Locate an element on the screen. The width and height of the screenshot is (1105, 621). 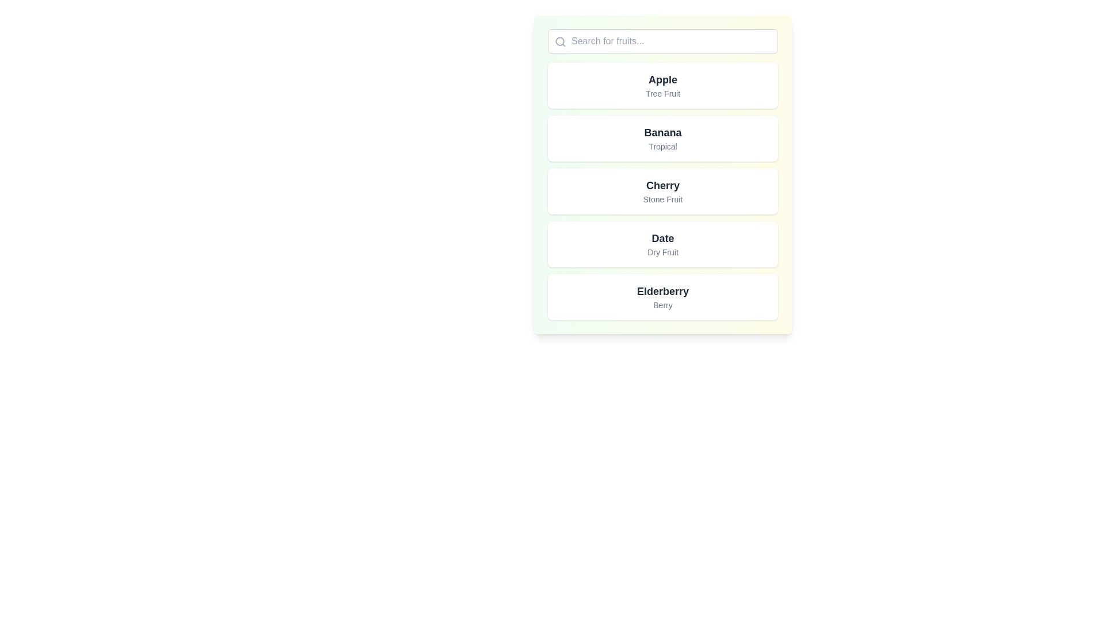
the descriptive text label providing additional details about the fruit 'Banana', which is the second text component in the card representing 'Banana' is located at coordinates (663, 145).